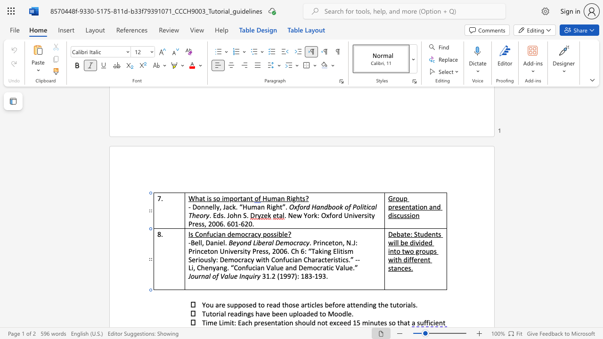  I want to click on the 2th character "o" in the text, so click(213, 275).